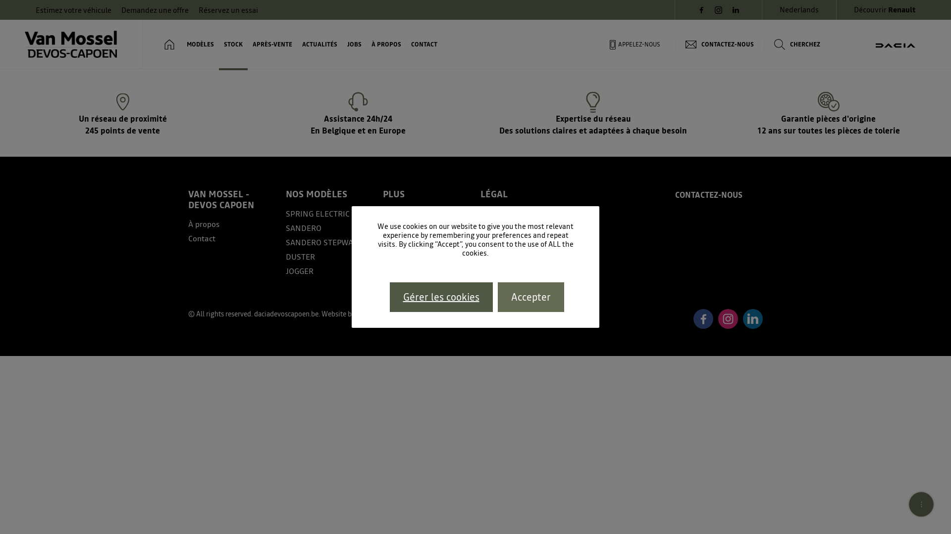 This screenshot has height=534, width=951. Describe the element at coordinates (357, 113) in the screenshot. I see `'Assistance 24h/24` at that location.